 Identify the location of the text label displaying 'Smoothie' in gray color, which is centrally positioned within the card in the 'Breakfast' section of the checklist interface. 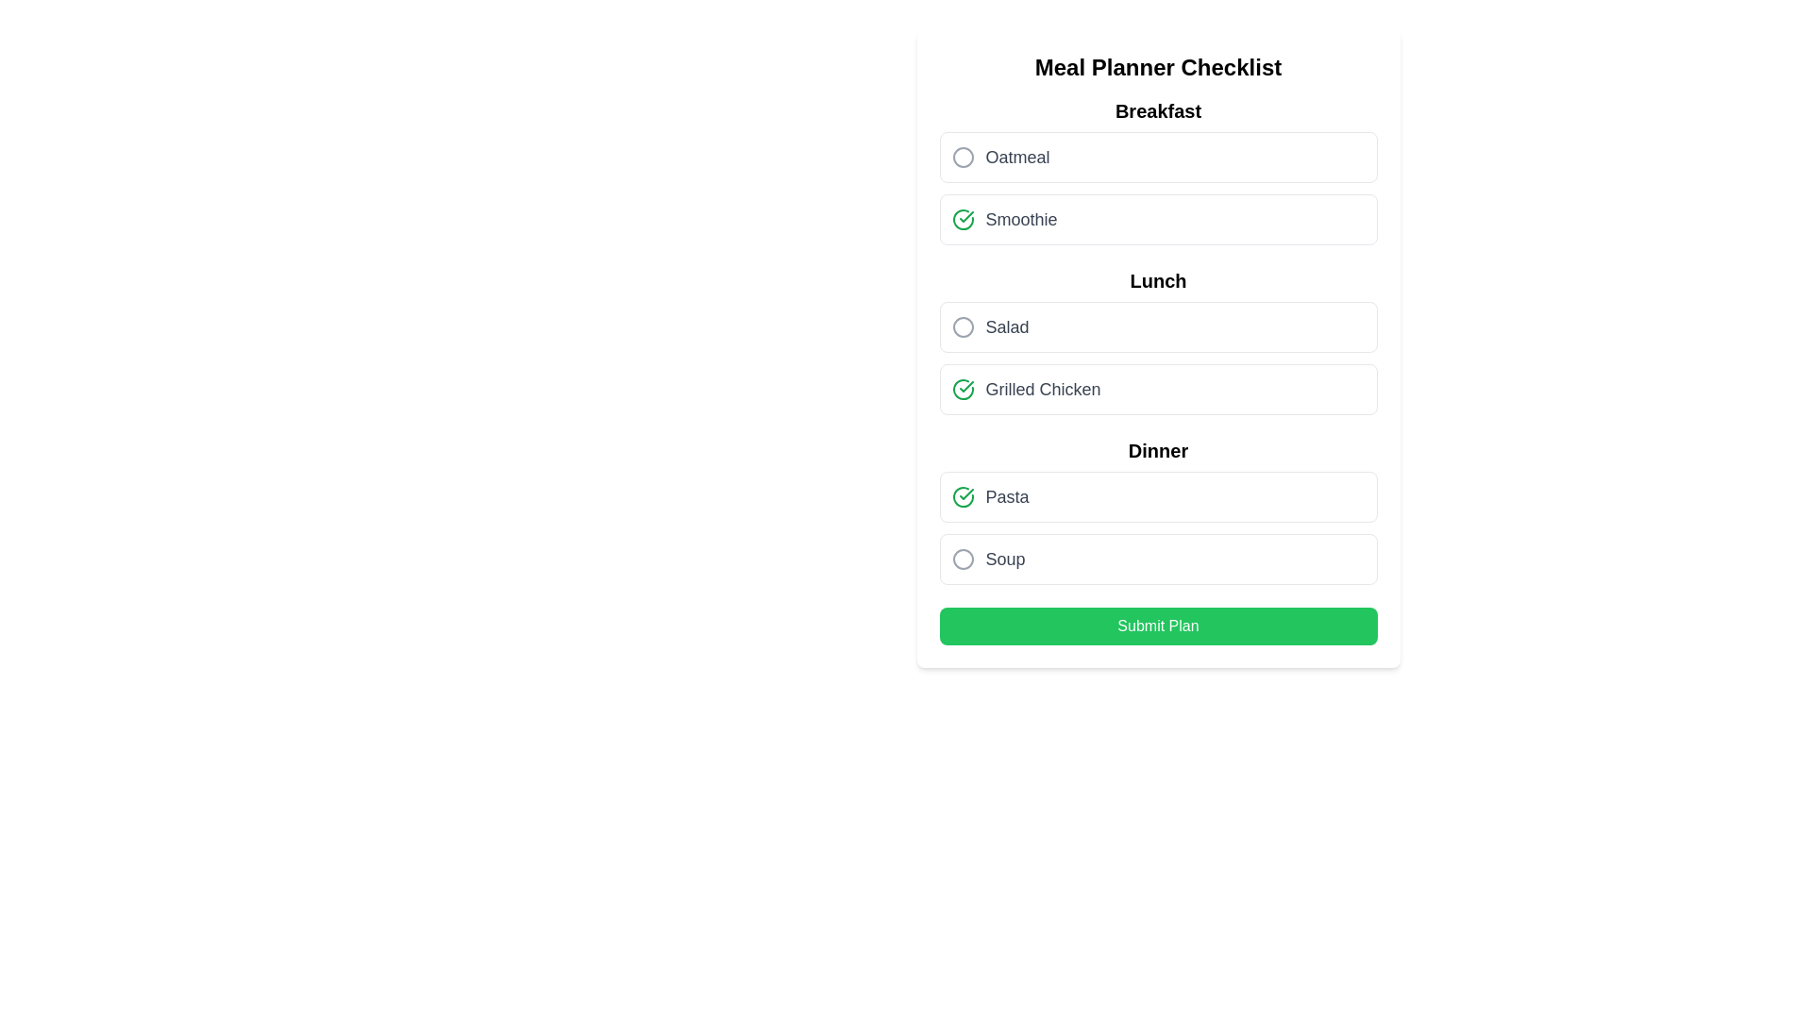
(1020, 218).